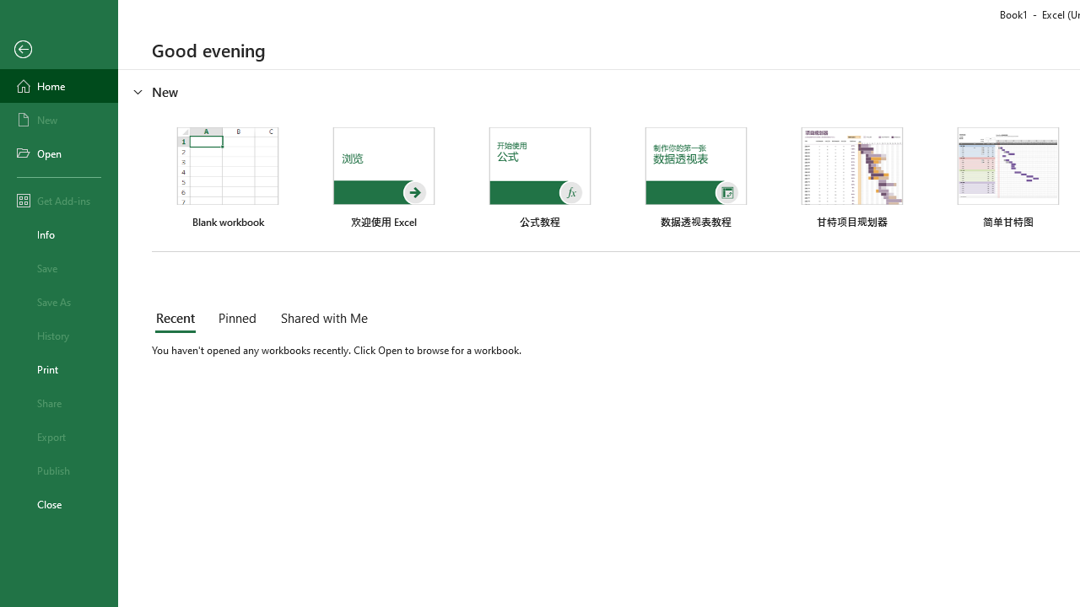  Describe the element at coordinates (321, 320) in the screenshot. I see `'Shared with Me'` at that location.